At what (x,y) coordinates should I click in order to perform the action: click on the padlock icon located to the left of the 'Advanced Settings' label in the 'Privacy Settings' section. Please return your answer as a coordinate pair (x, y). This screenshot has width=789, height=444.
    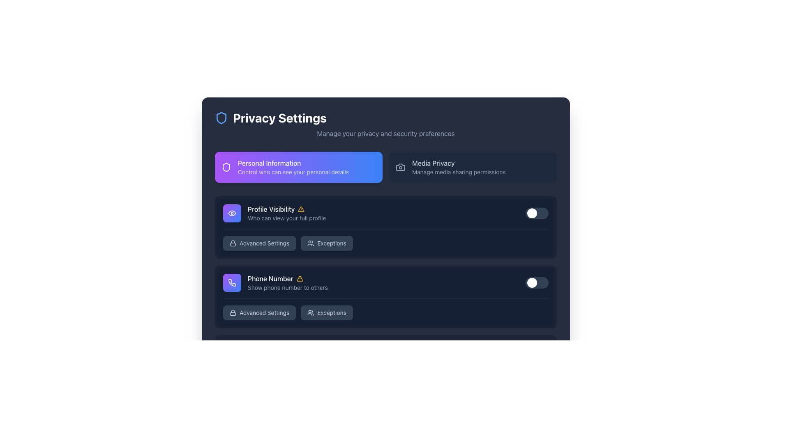
    Looking at the image, I should click on (232, 243).